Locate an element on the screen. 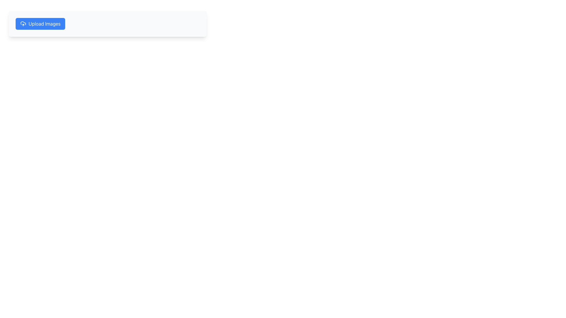 The height and width of the screenshot is (318, 566). the blue rectangular button labeled 'Upload Images' to observe a color change is located at coordinates (40, 24).